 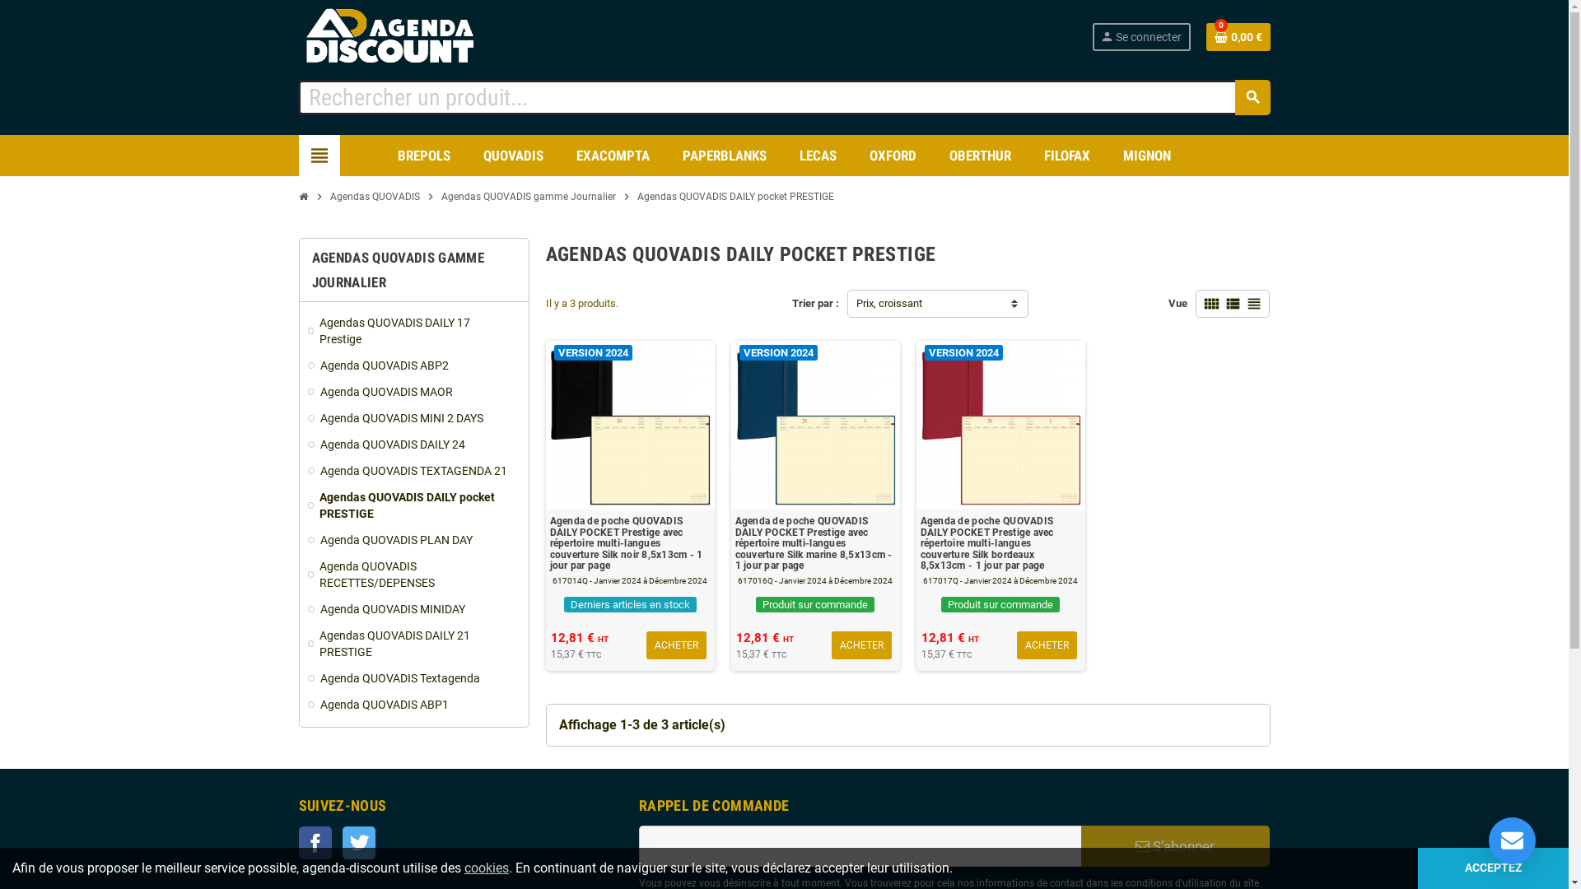 I want to click on 'Agenda QUOVADIS MAOR', so click(x=414, y=391).